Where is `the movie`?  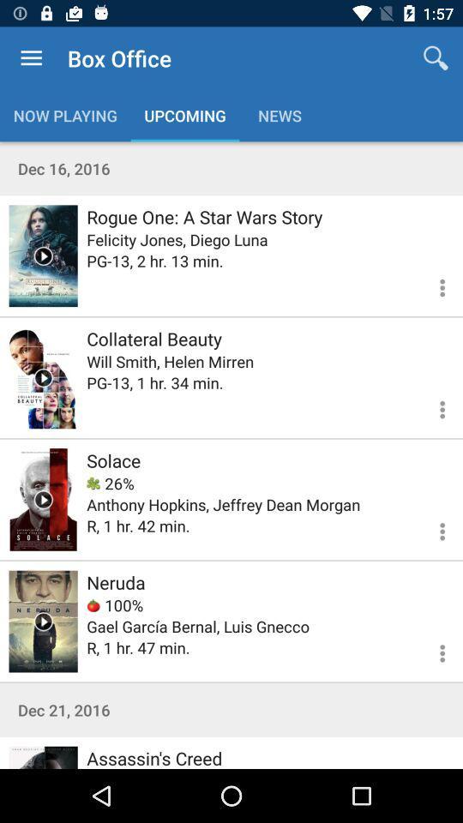 the movie is located at coordinates (43, 255).